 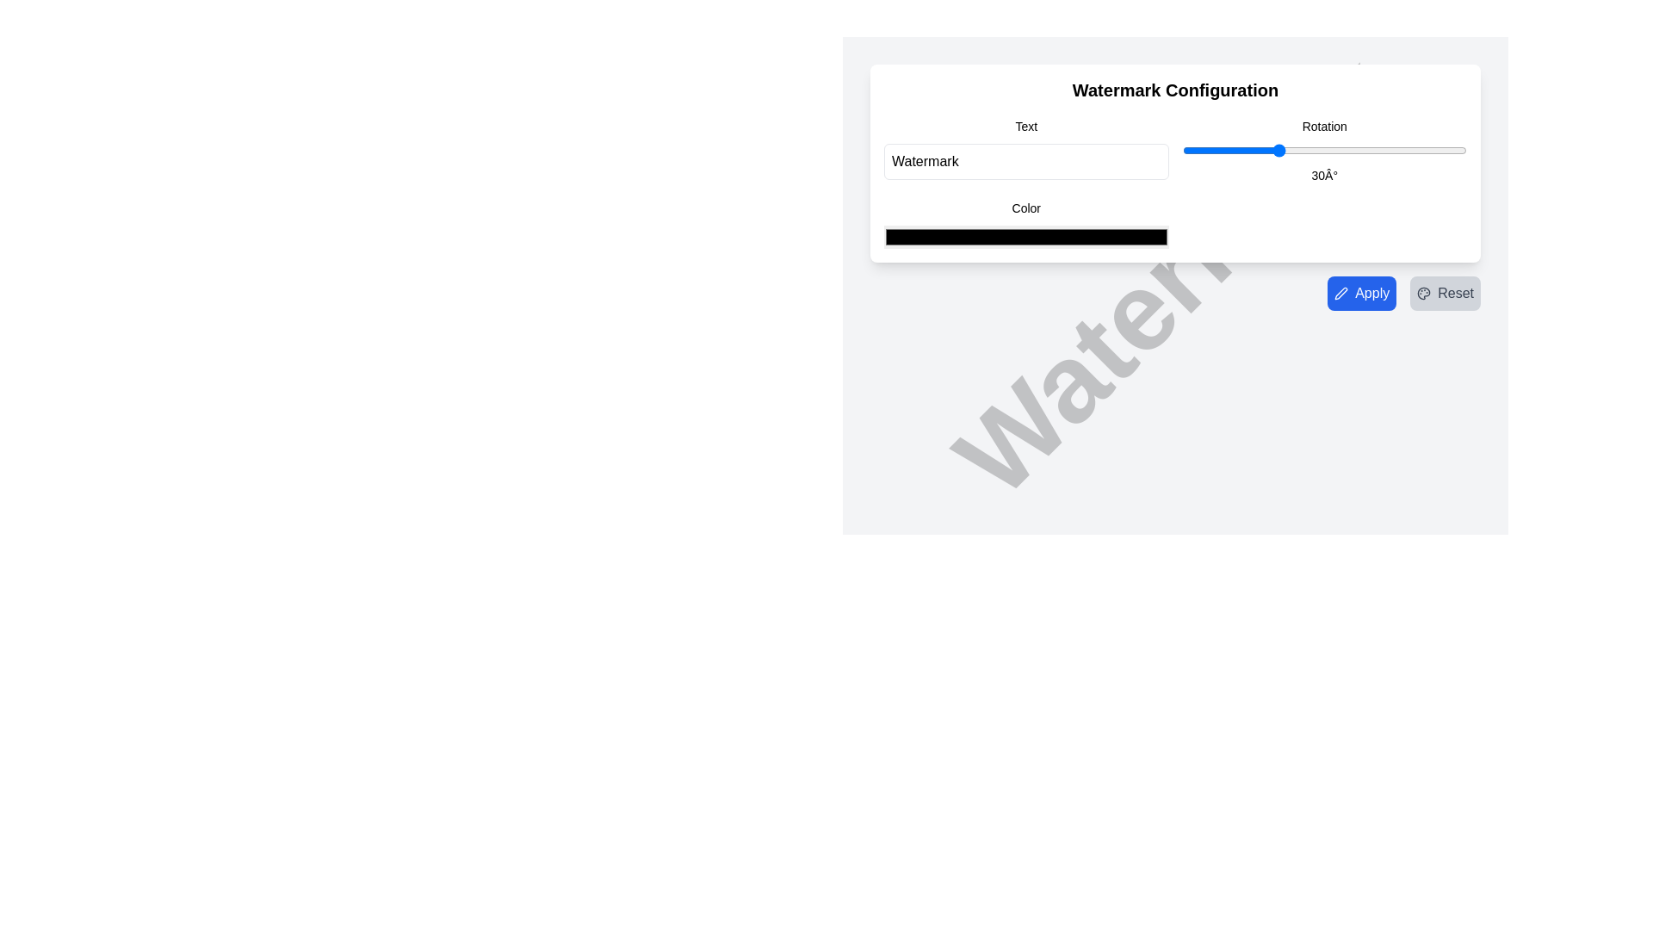 What do you see at coordinates (1446, 292) in the screenshot?
I see `the reset button located in the bottom right area of the 'Watermark Configuration' dialog box` at bounding box center [1446, 292].